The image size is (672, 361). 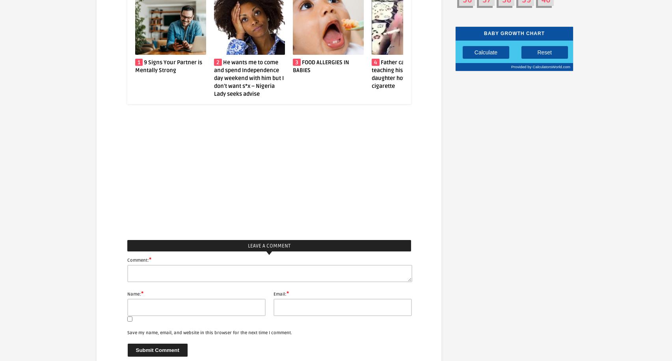 I want to click on 'Provided by', so click(x=510, y=67).